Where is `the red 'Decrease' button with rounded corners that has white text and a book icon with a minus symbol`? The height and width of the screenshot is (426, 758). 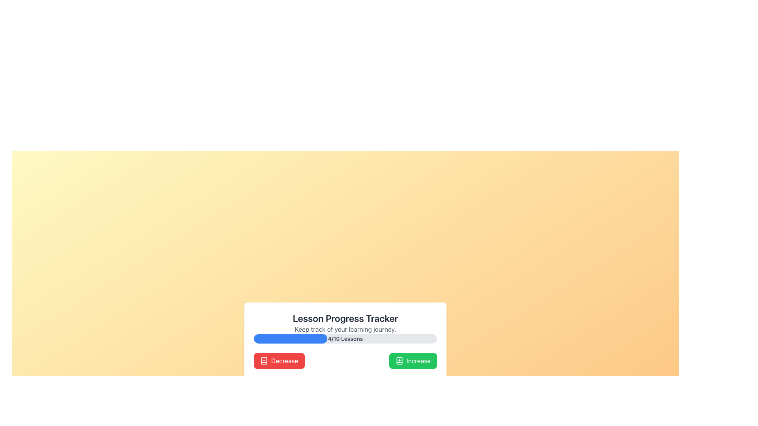 the red 'Decrease' button with rounded corners that has white text and a book icon with a minus symbol is located at coordinates (279, 361).